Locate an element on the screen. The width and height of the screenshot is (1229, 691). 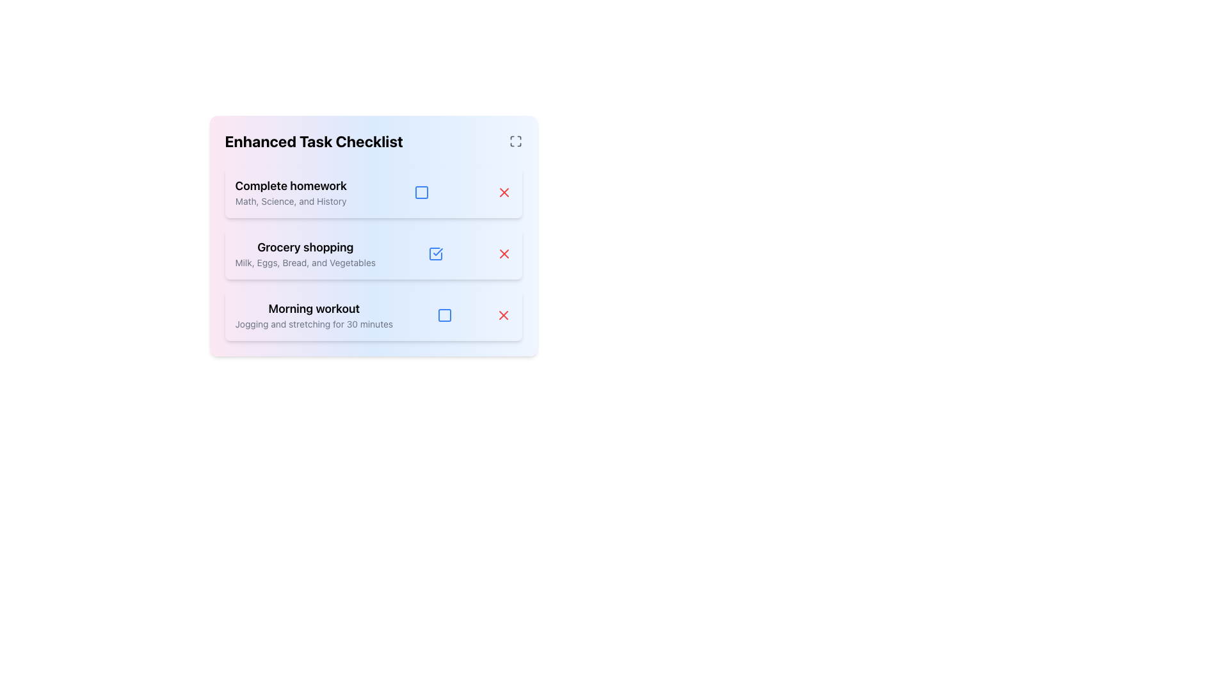
task title and details displayed in the first task item of the 'Enhanced Task Checklist', which is positioned near the top of the list and aligned to the left is located at coordinates (290, 192).